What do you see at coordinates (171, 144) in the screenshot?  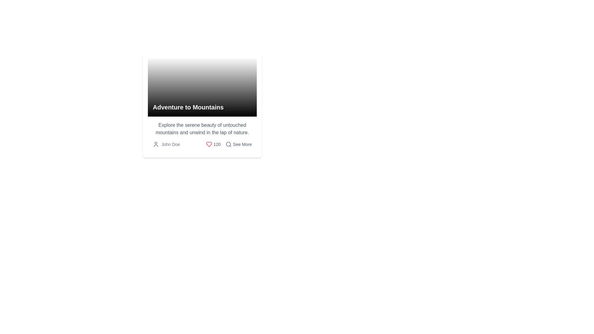 I see `the text label displaying 'John Doe' in small, grey font, which is positioned at the bottom left corner of a card component` at bounding box center [171, 144].